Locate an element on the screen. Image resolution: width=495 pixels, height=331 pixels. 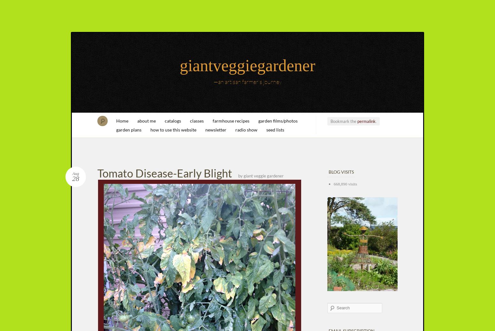
'garden films/photos' is located at coordinates (278, 120).